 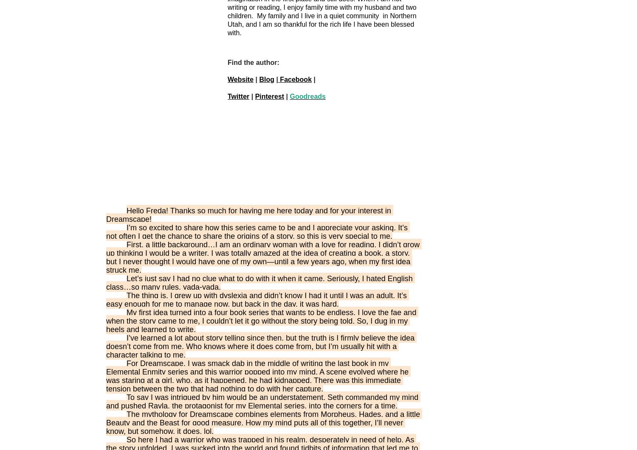 What do you see at coordinates (260, 282) in the screenshot?
I see `'Let’s just say I had no clue what to do with it when it came. Seriously, I hated English class…so many rules, yada-yada.'` at bounding box center [260, 282].